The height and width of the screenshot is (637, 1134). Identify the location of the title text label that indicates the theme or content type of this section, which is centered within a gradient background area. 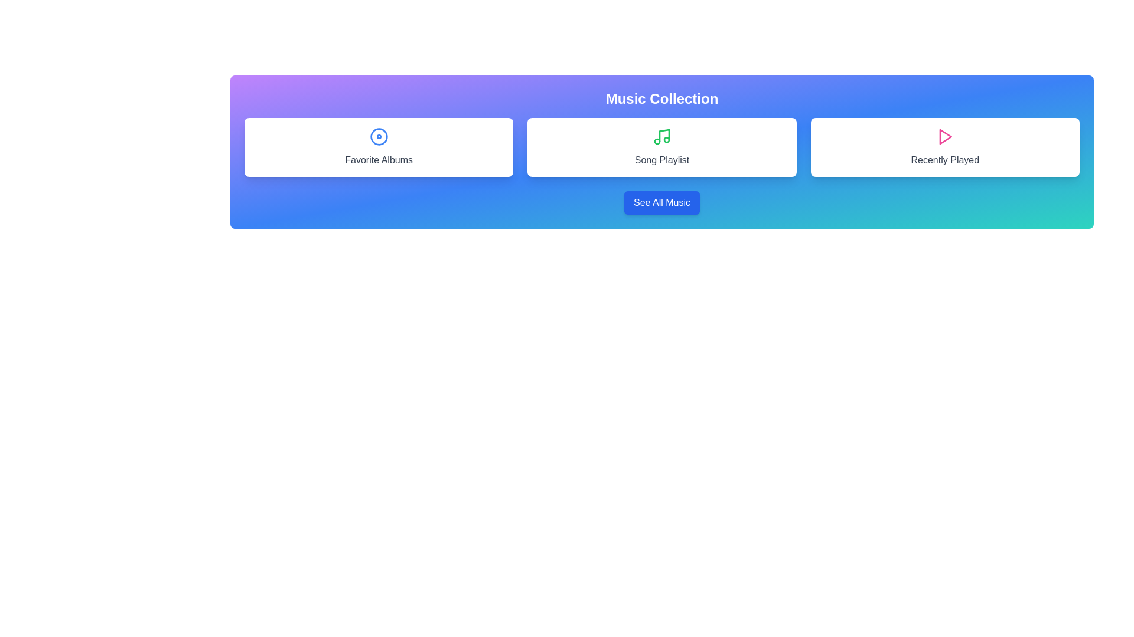
(662, 98).